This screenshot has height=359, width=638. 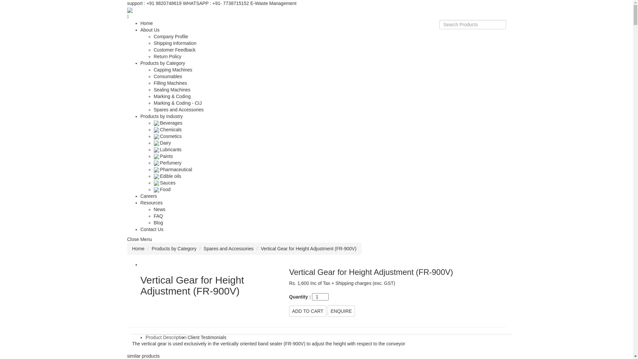 I want to click on 'Shipping Information', so click(x=153, y=43).